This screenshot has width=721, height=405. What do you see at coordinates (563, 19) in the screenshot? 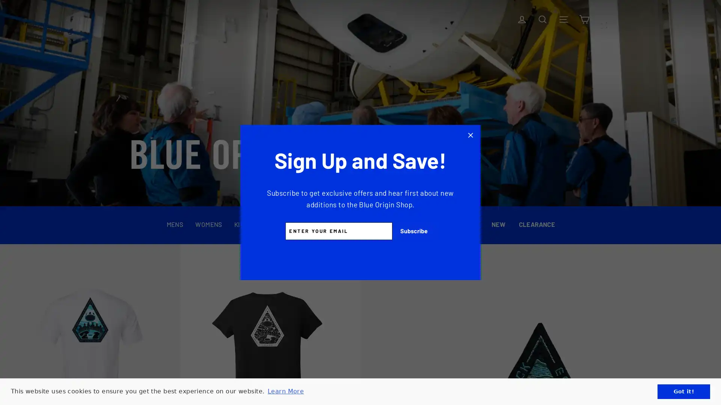
I see `Site navigation` at bounding box center [563, 19].